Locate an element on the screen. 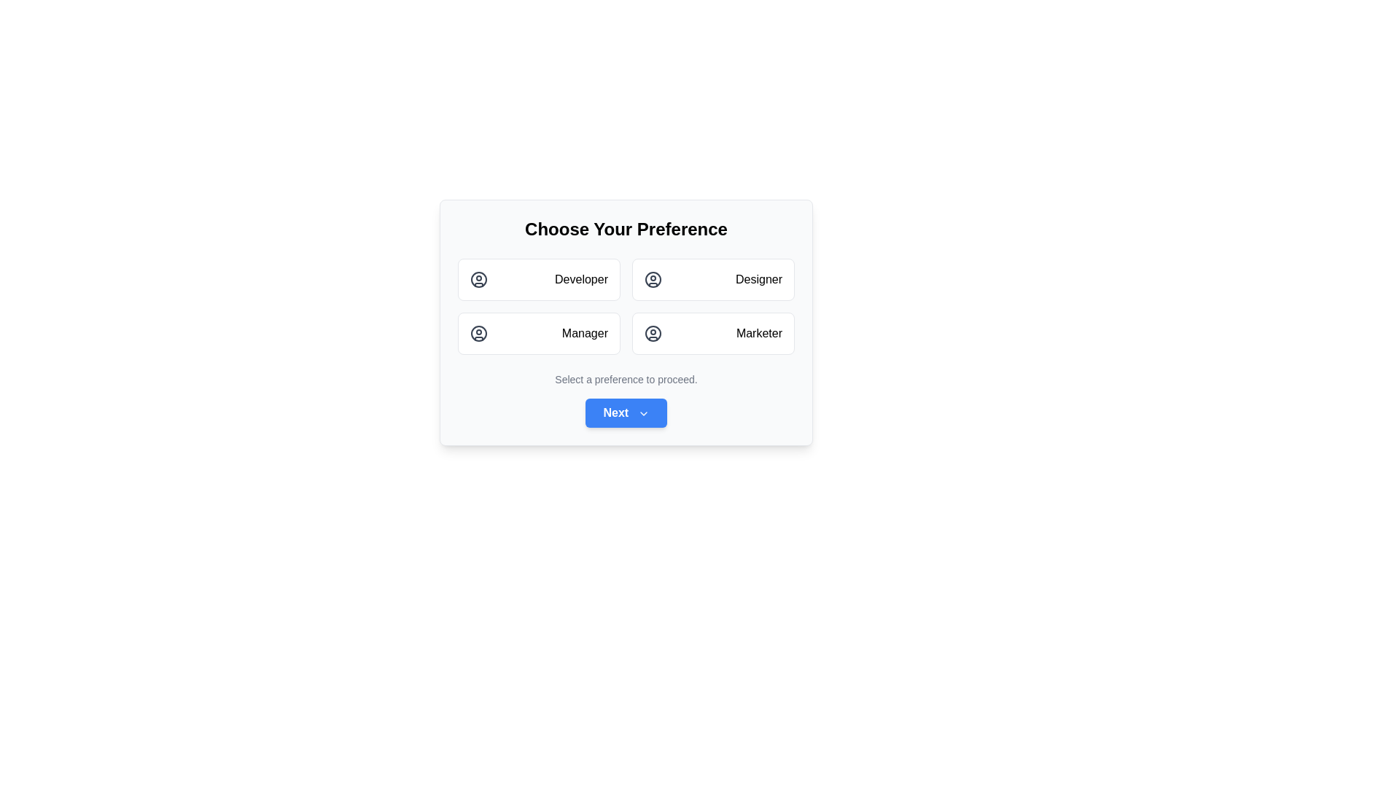  the outer circle of the Manager option icon in the preference selection interface is located at coordinates (479, 334).